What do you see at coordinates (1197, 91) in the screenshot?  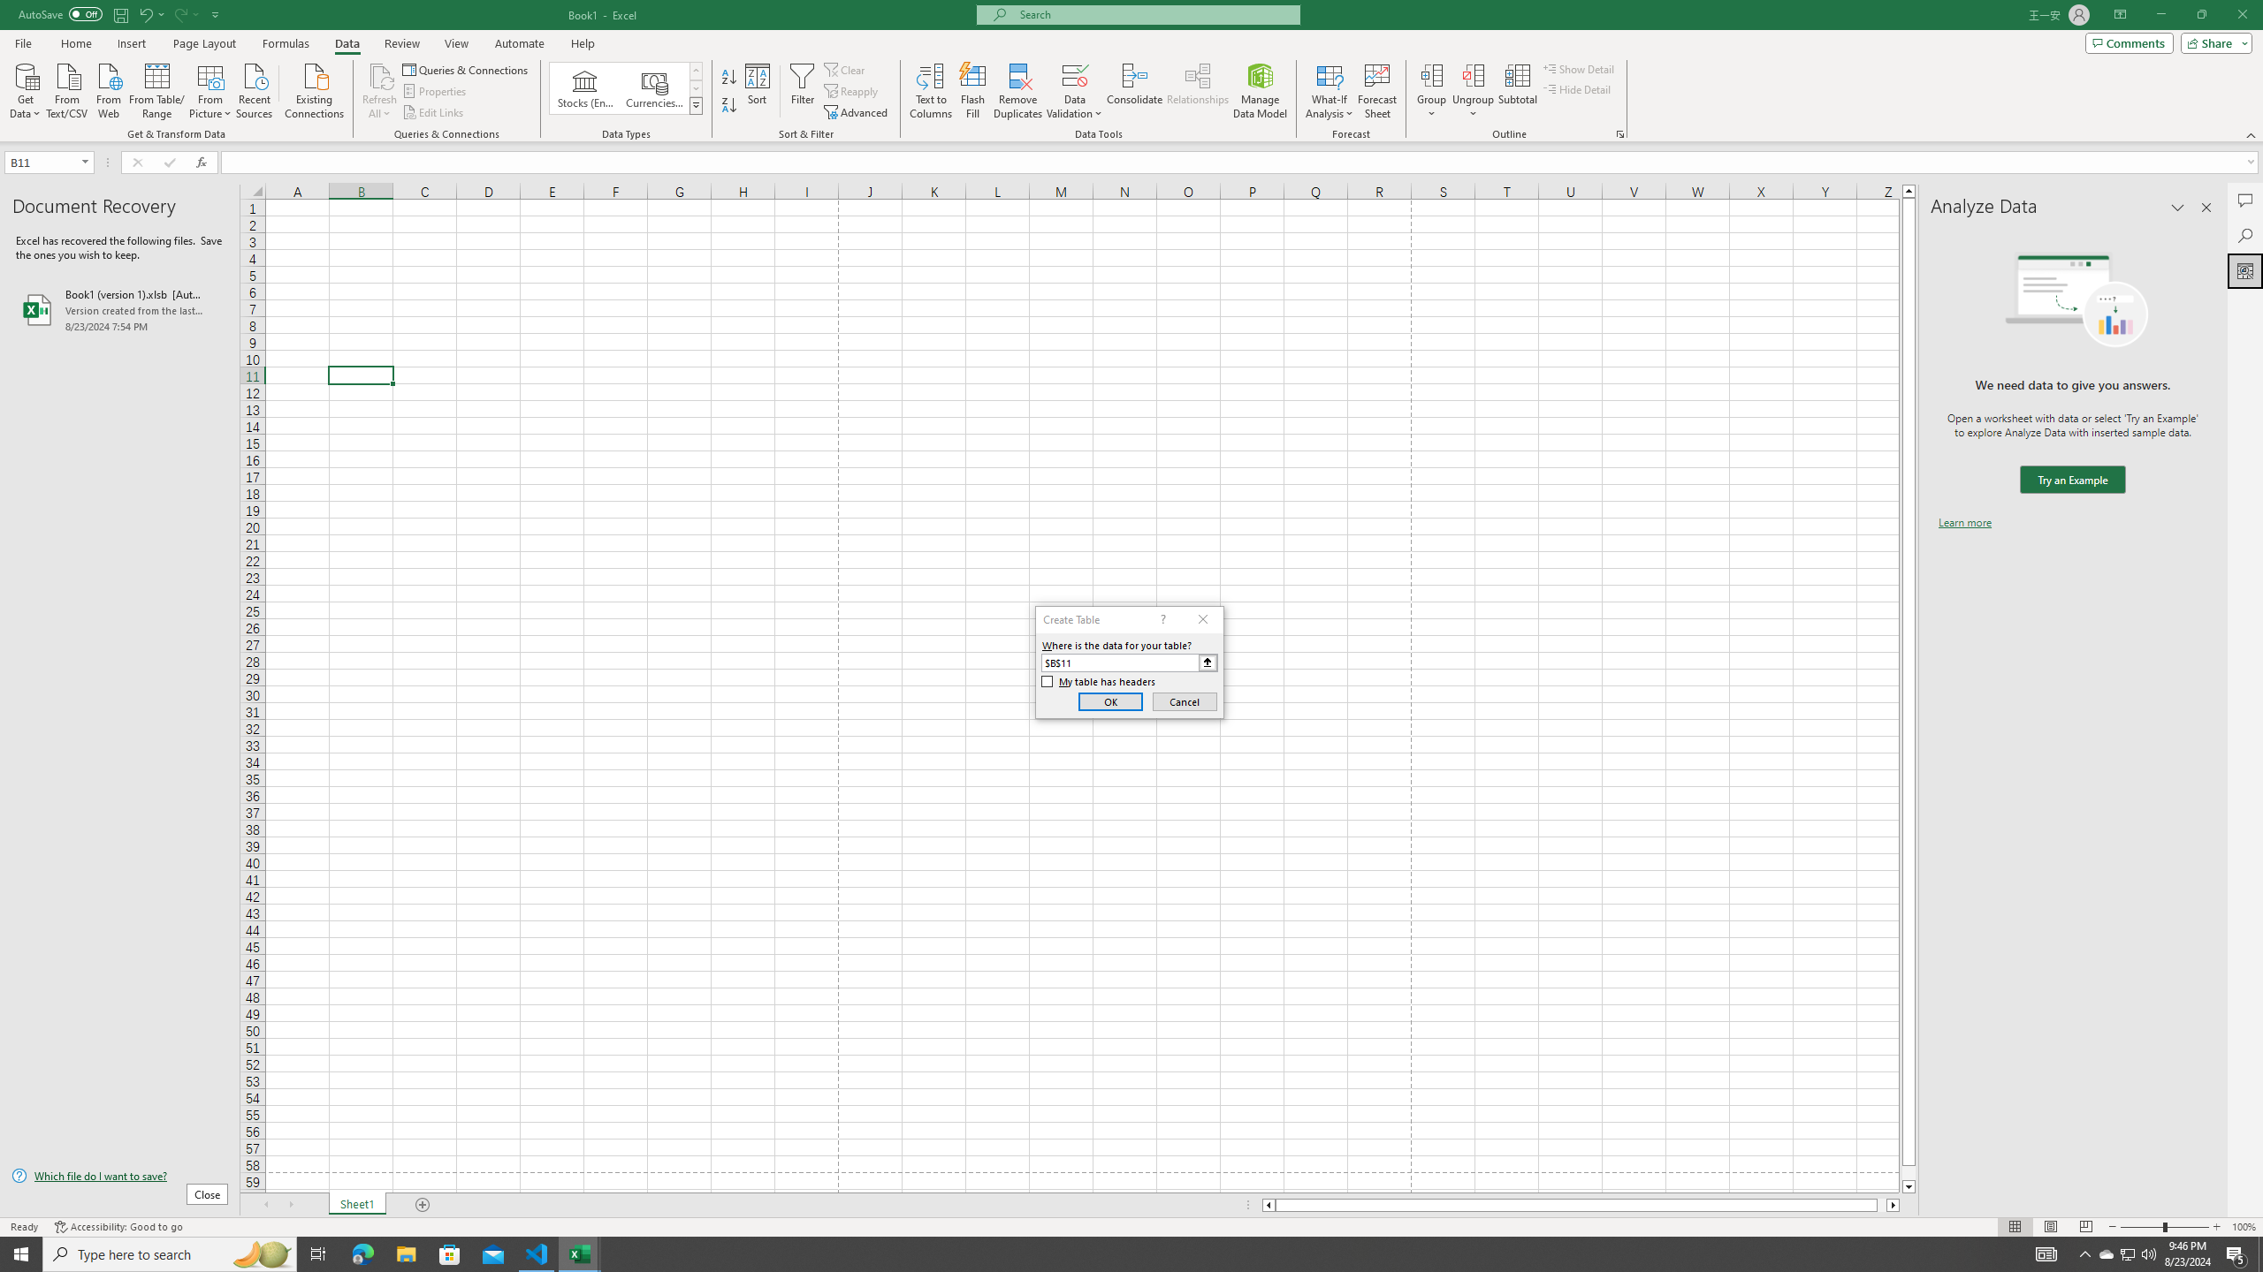 I see `'Relationships'` at bounding box center [1197, 91].